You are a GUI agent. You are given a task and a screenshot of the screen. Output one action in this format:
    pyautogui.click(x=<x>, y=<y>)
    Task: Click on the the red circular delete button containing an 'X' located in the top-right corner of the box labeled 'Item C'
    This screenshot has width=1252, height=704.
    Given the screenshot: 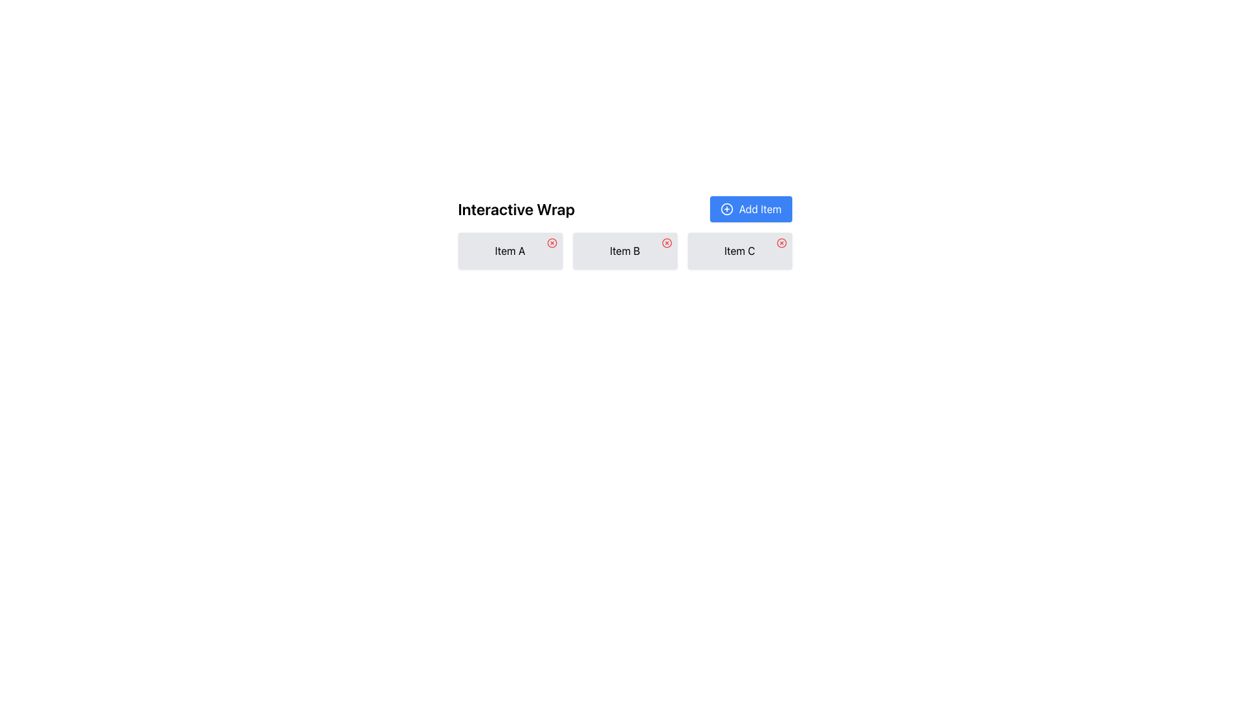 What is the action you would take?
    pyautogui.click(x=781, y=243)
    